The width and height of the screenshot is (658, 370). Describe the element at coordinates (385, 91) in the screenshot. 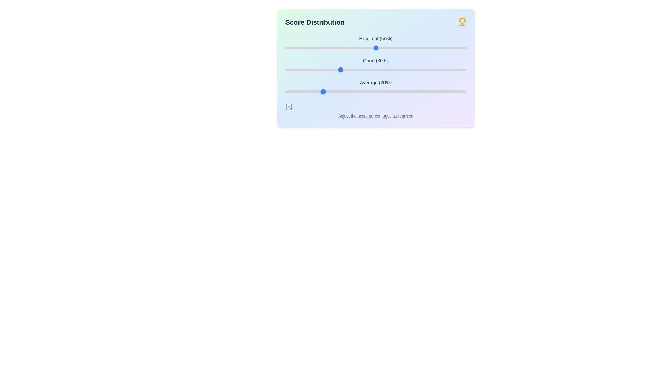

I see `the 'Average' slider to 55%` at that location.